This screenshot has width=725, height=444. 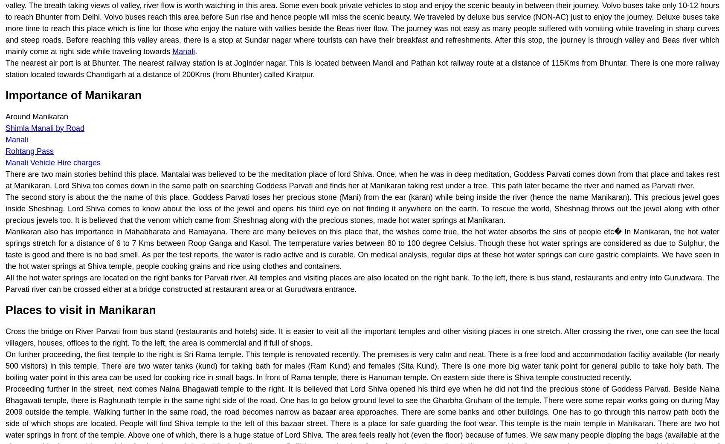 I want to click on 'Importance of Manikaran', so click(x=73, y=95).